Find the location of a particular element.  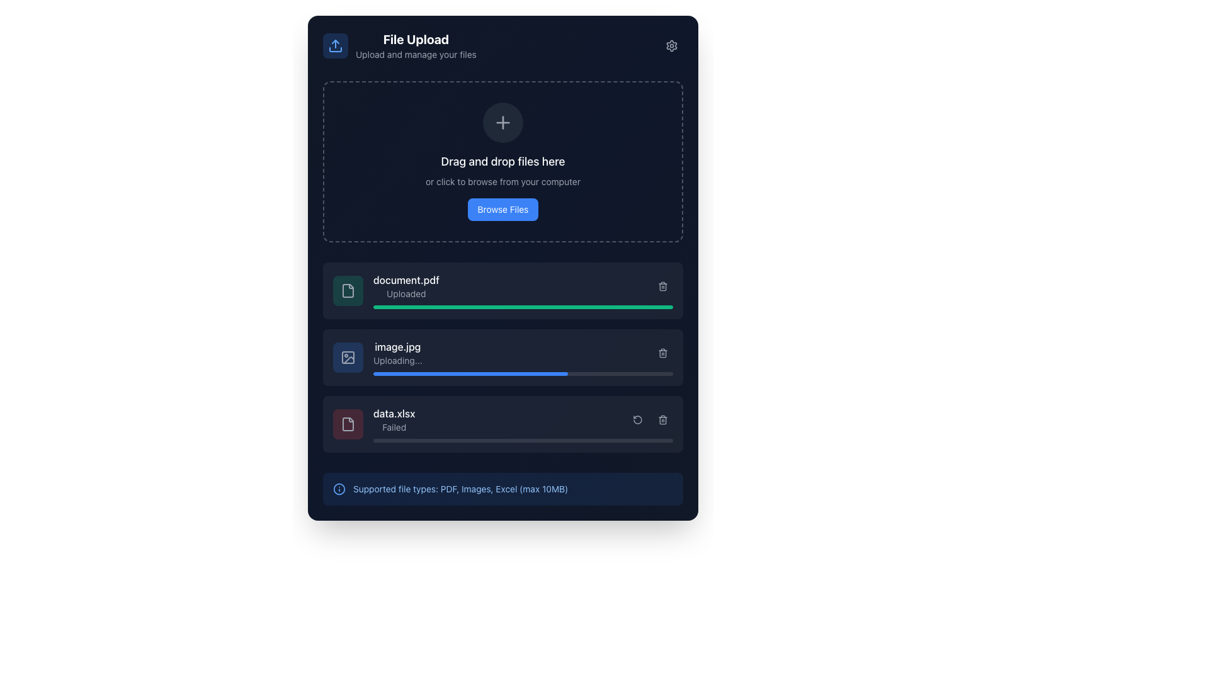

the progress is located at coordinates (451, 439).